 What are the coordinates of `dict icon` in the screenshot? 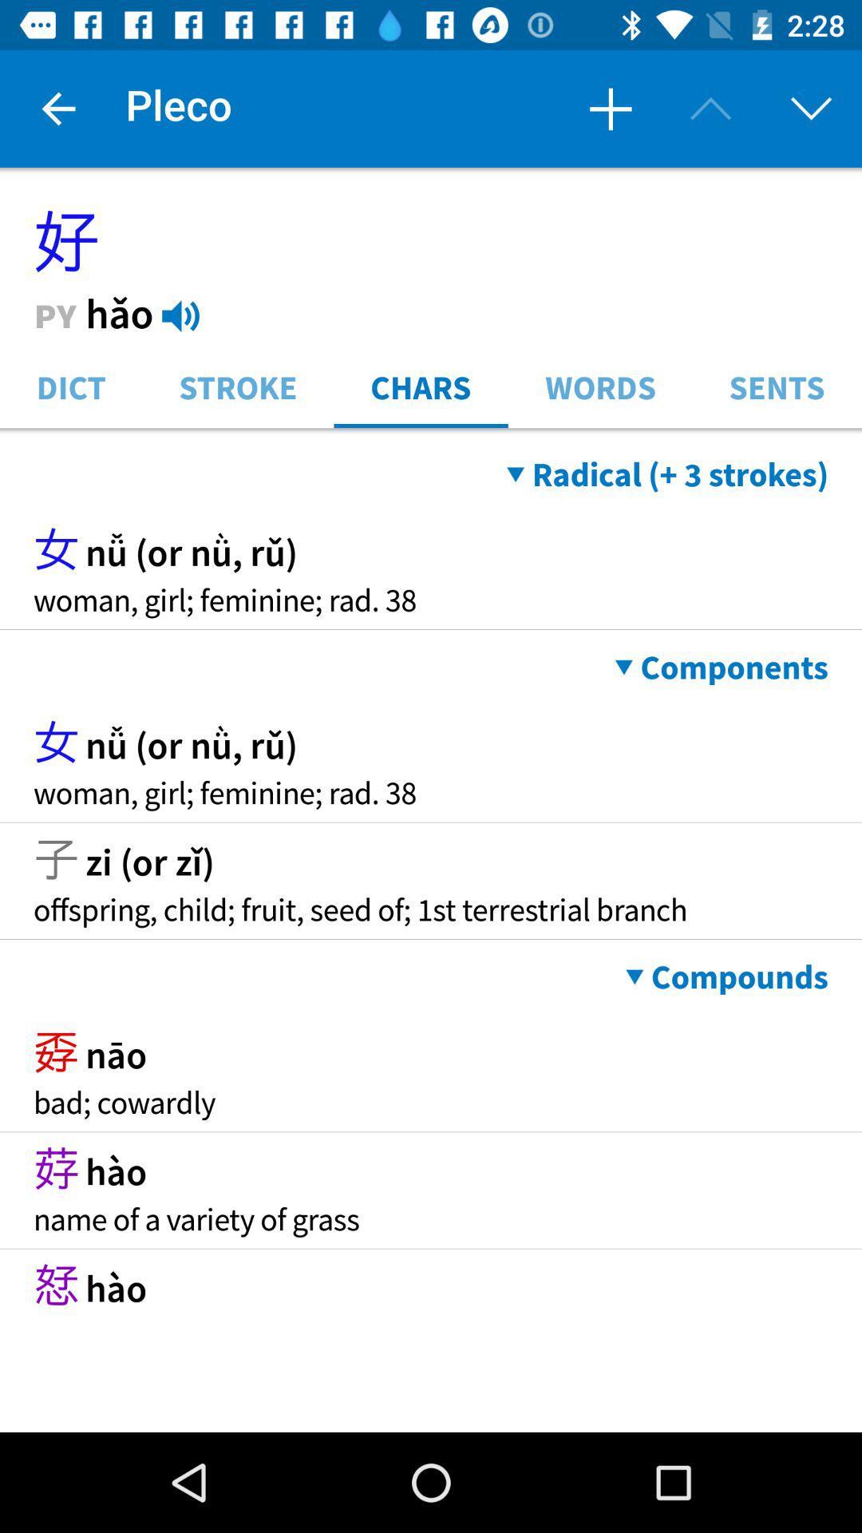 It's located at (70, 386).